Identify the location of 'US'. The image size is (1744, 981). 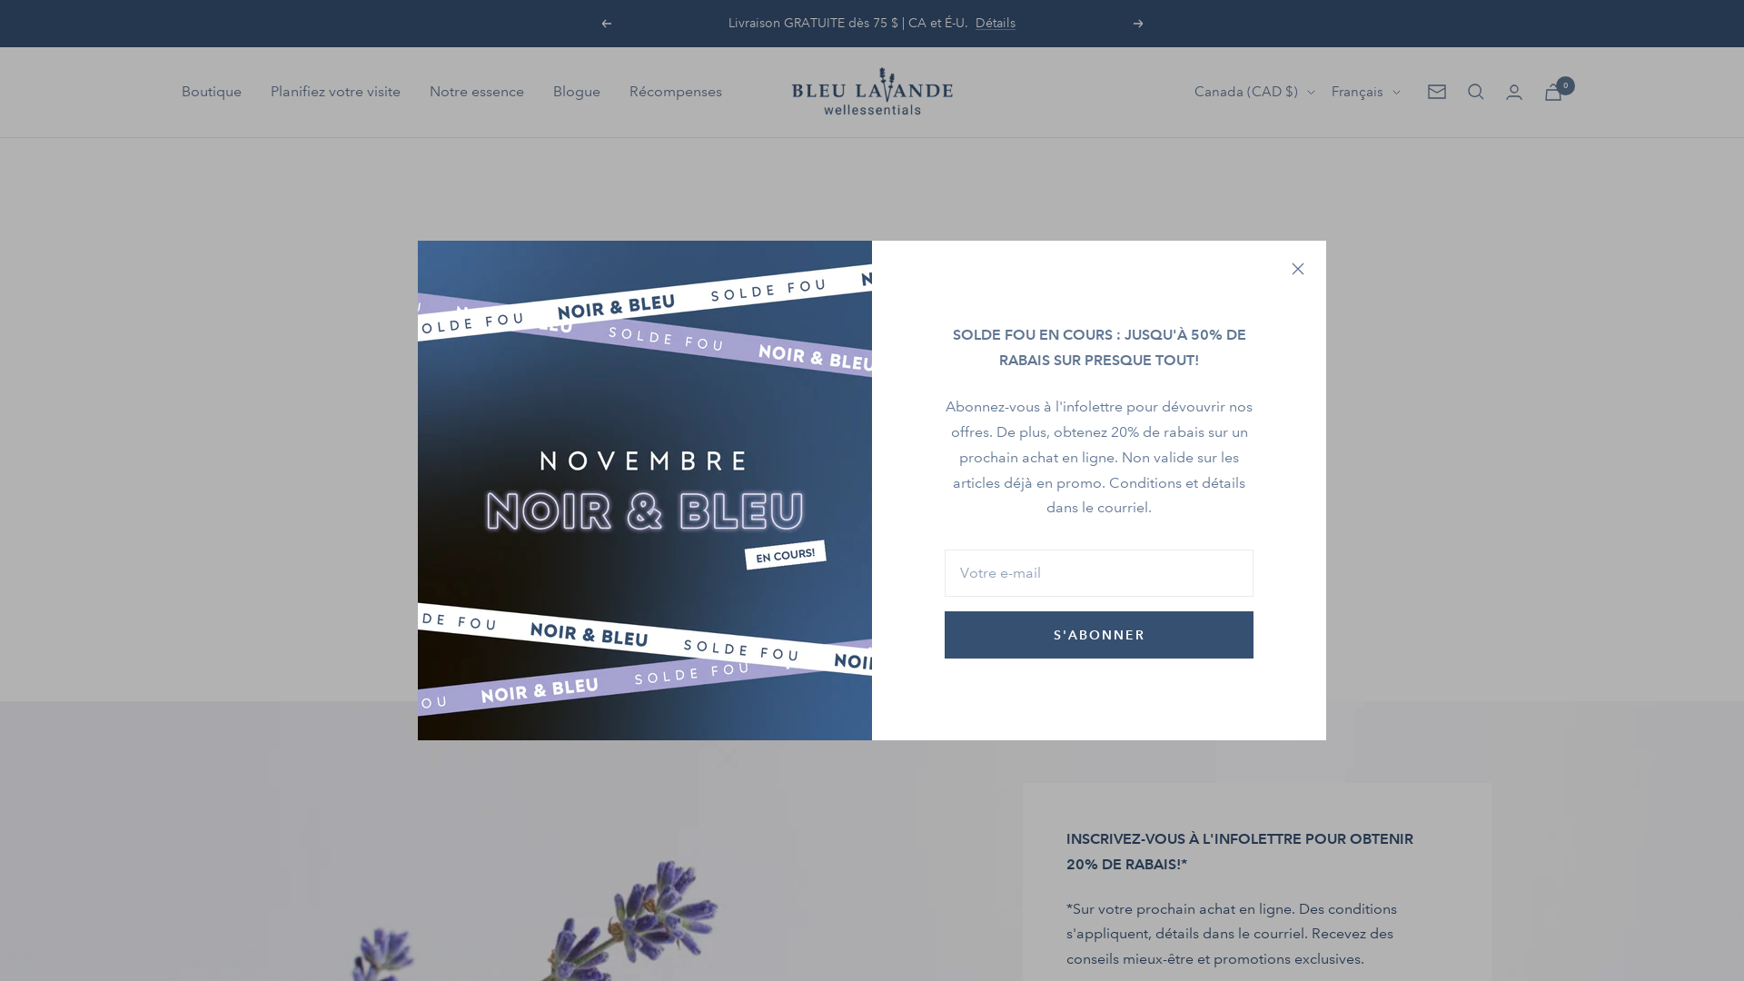
(1241, 188).